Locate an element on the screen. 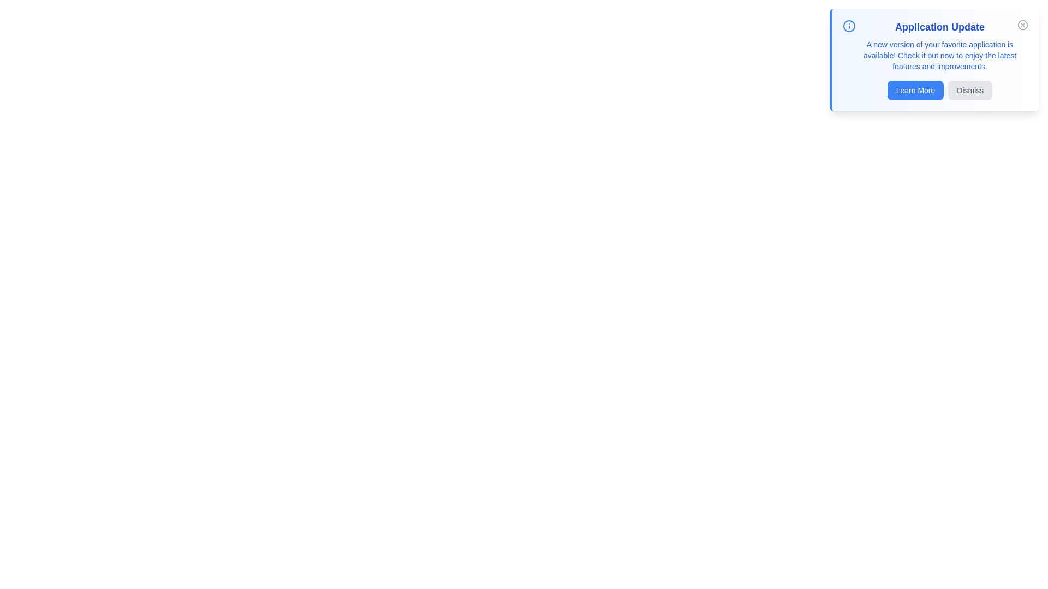  the Dismiss button to observe its hover effect is located at coordinates (970, 89).